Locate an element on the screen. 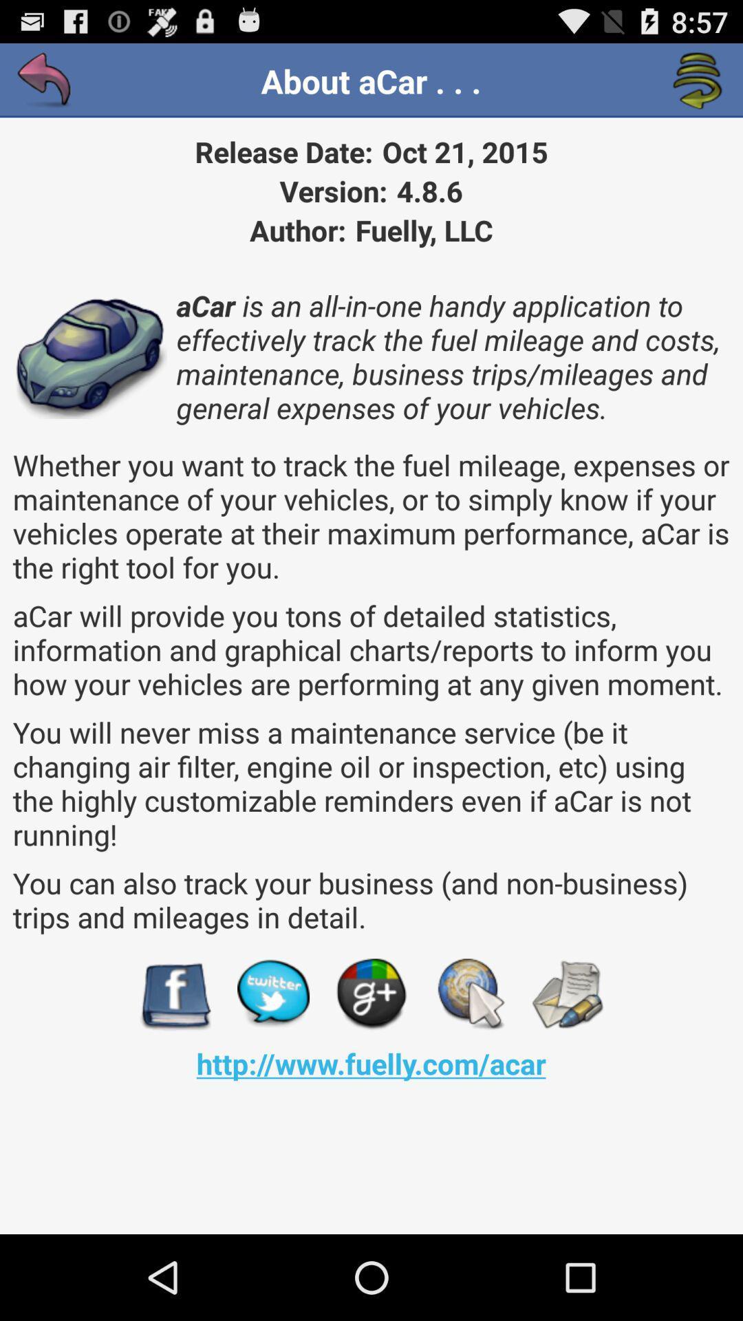 This screenshot has width=743, height=1321. the twitter icon is located at coordinates (273, 1064).